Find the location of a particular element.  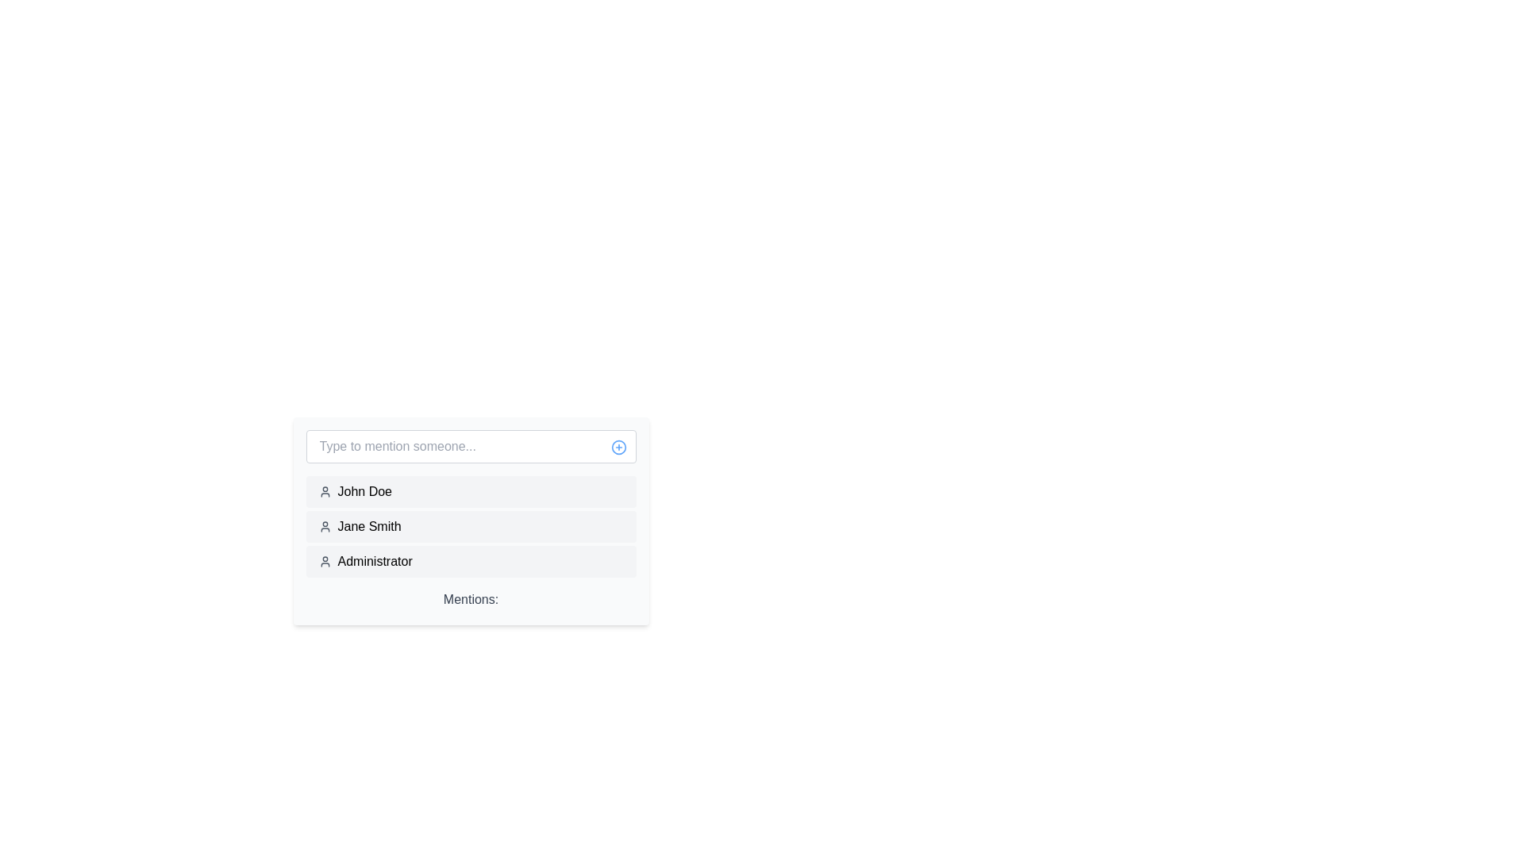

the user icon representing 'Jane Smith' is located at coordinates (324, 526).